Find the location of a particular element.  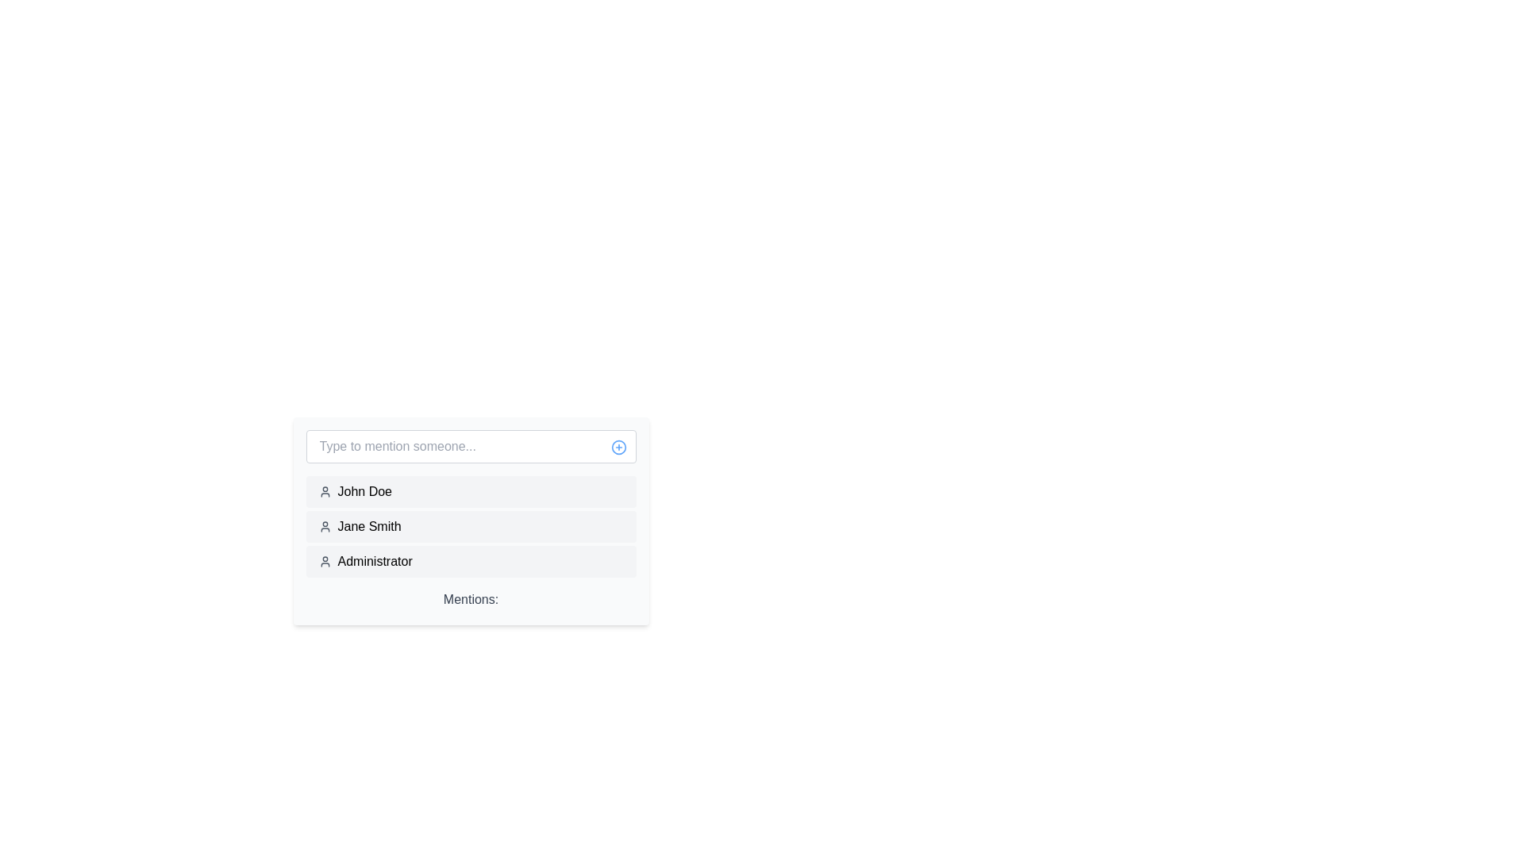

the user icon representing 'Jane Smith' is located at coordinates (324, 526).